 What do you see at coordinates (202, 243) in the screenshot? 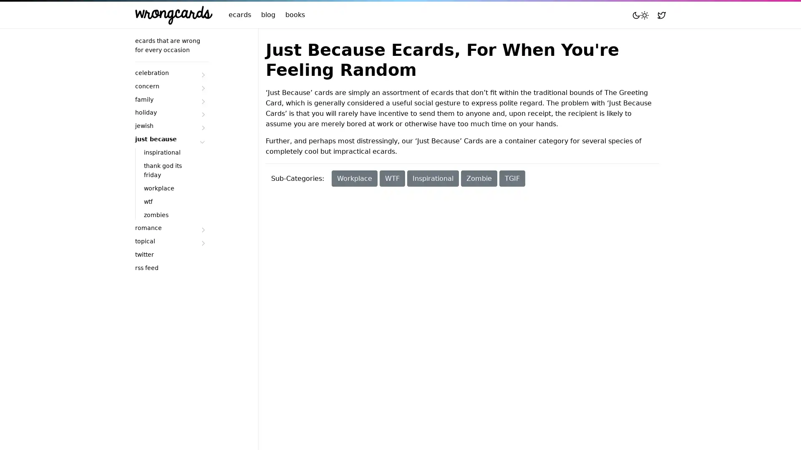
I see `Submenu` at bounding box center [202, 243].